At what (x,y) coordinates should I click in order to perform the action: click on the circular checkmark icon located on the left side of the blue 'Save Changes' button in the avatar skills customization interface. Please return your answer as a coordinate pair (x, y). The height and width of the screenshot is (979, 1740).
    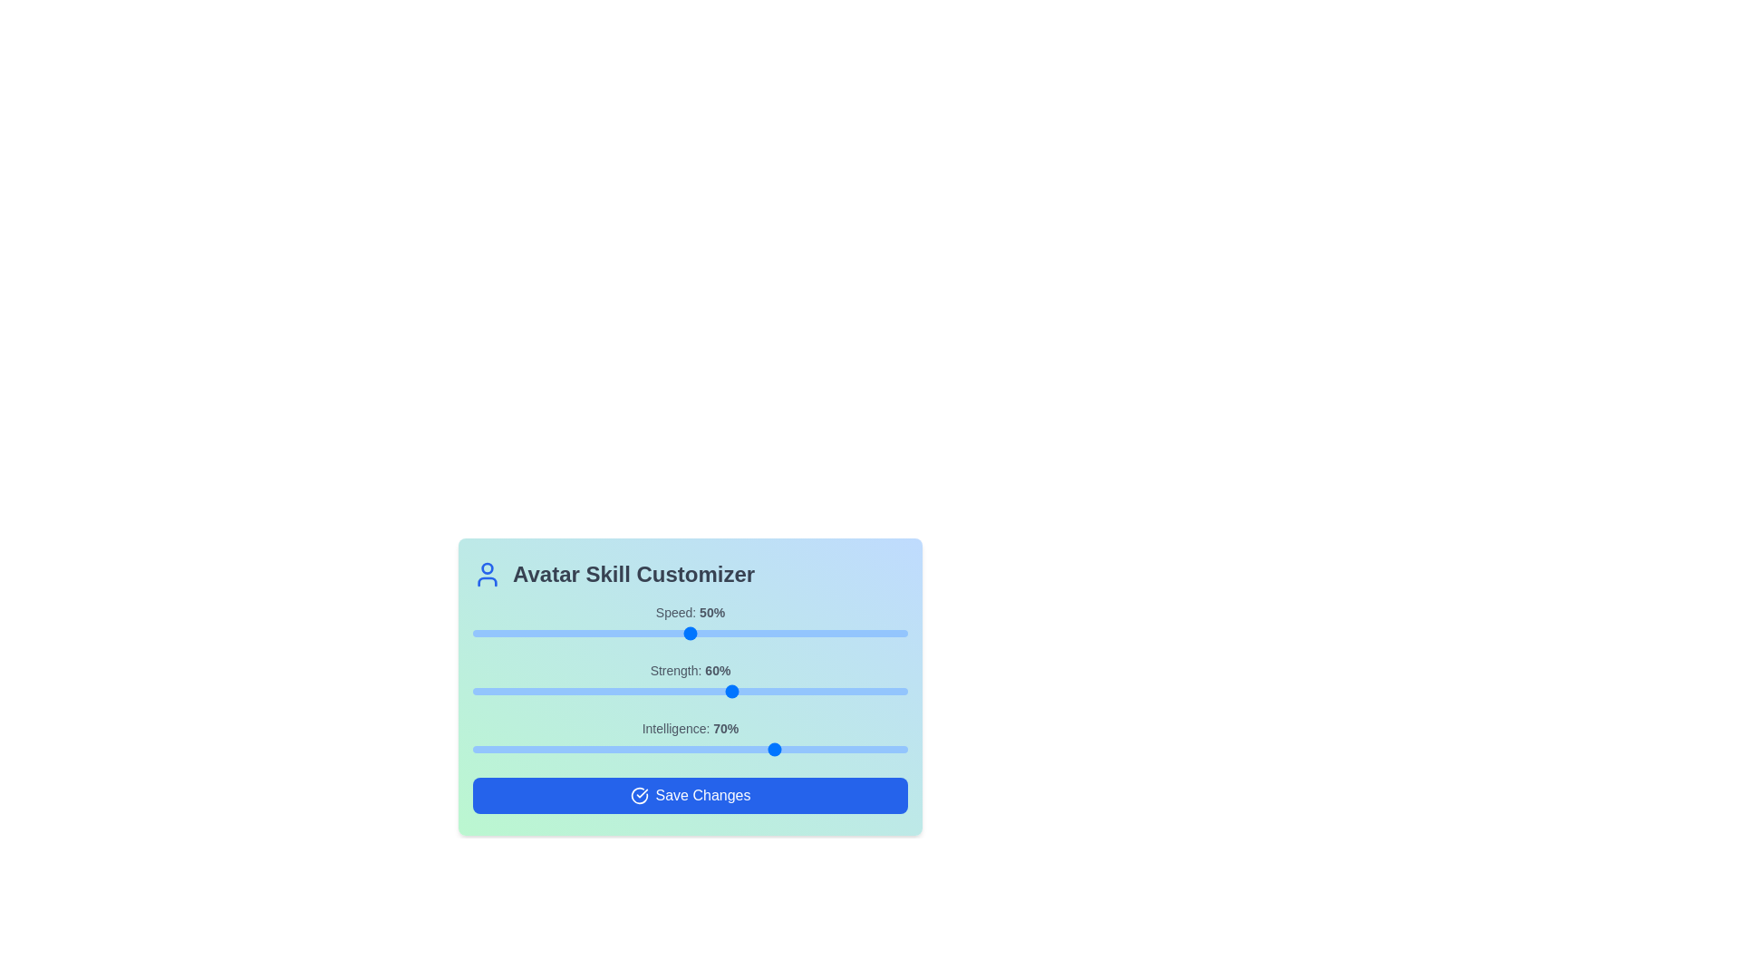
    Looking at the image, I should click on (639, 795).